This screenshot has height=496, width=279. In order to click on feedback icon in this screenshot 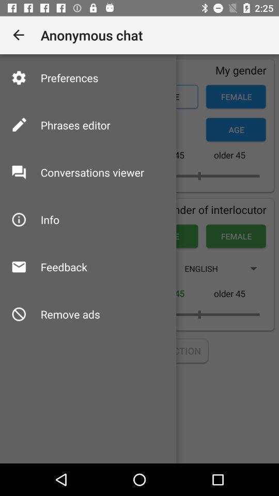, I will do `click(64, 266)`.